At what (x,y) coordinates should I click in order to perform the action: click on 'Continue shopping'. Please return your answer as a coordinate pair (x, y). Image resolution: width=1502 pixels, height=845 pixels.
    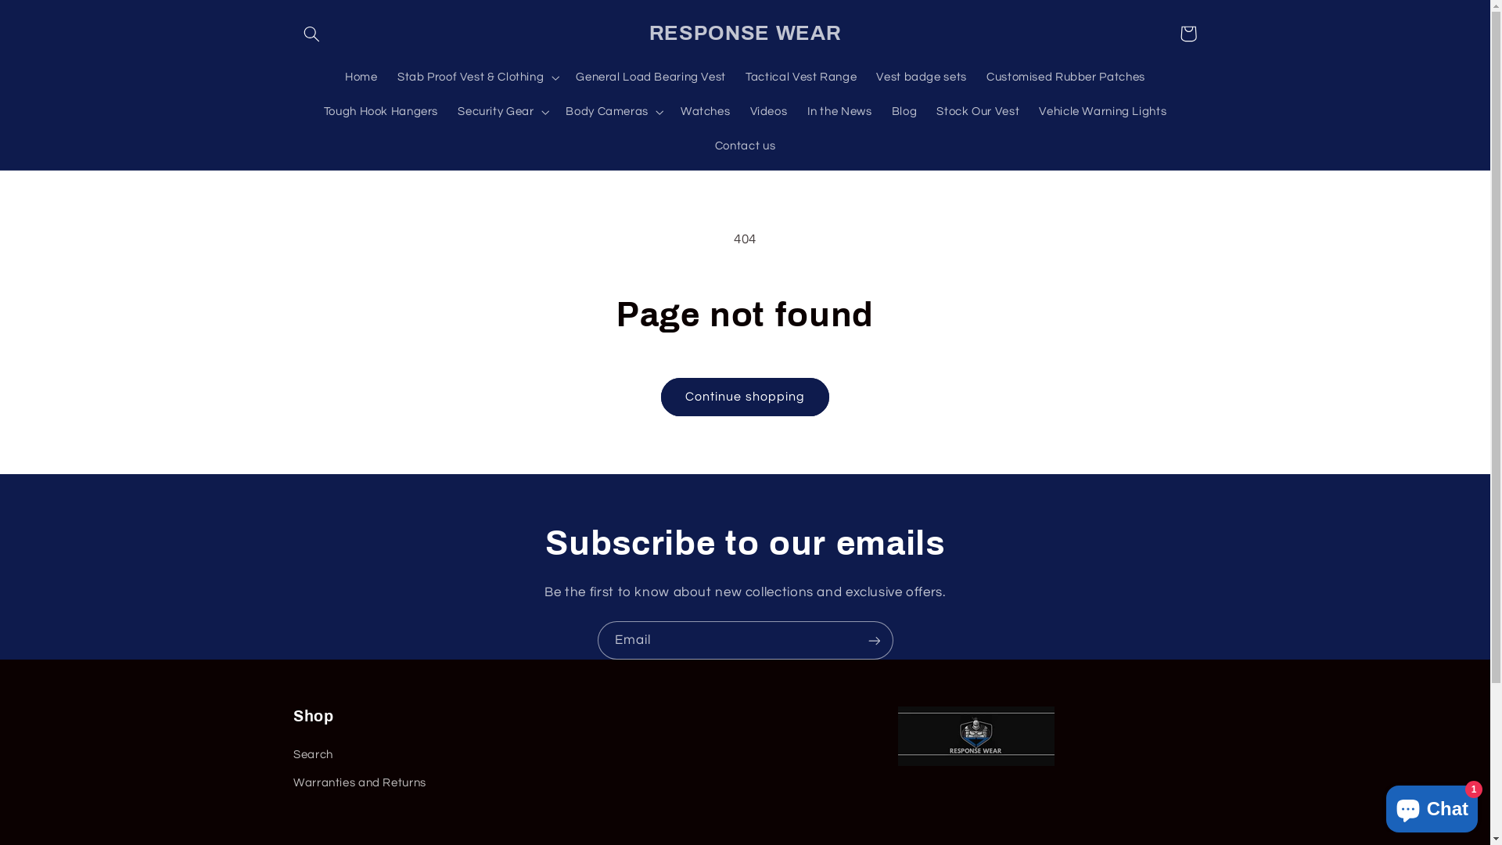
    Looking at the image, I should click on (745, 396).